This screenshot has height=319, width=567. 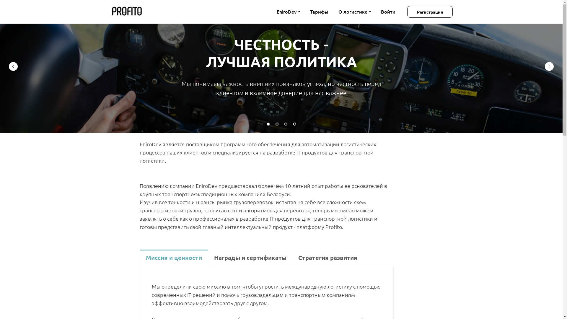 I want to click on 'EniroDev', so click(x=288, y=11).